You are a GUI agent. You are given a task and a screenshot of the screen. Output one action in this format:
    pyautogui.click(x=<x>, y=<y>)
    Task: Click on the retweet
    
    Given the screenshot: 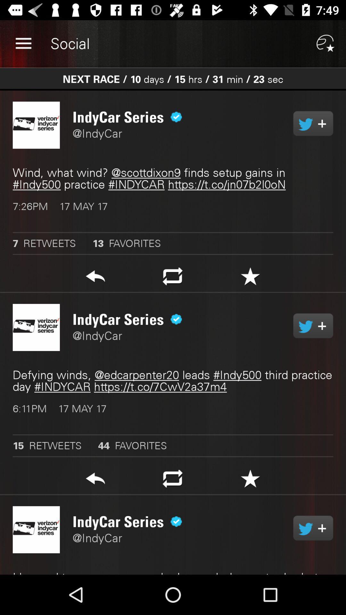 What is the action you would take?
    pyautogui.click(x=313, y=528)
    